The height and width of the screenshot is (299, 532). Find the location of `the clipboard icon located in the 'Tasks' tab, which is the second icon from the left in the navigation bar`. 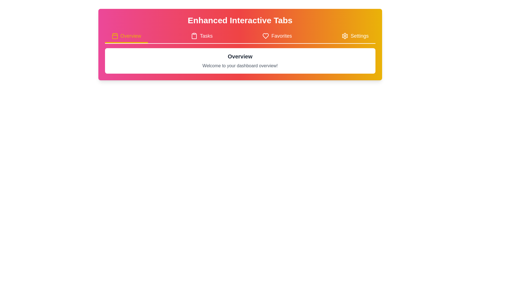

the clipboard icon located in the 'Tasks' tab, which is the second icon from the left in the navigation bar is located at coordinates (194, 36).